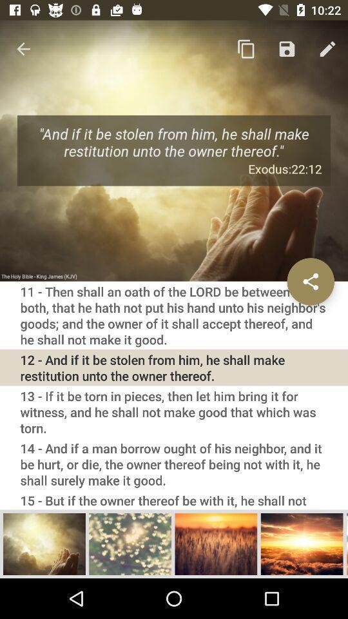 The width and height of the screenshot is (348, 619). Describe the element at coordinates (23, 49) in the screenshot. I see `the item at the top left corner` at that location.